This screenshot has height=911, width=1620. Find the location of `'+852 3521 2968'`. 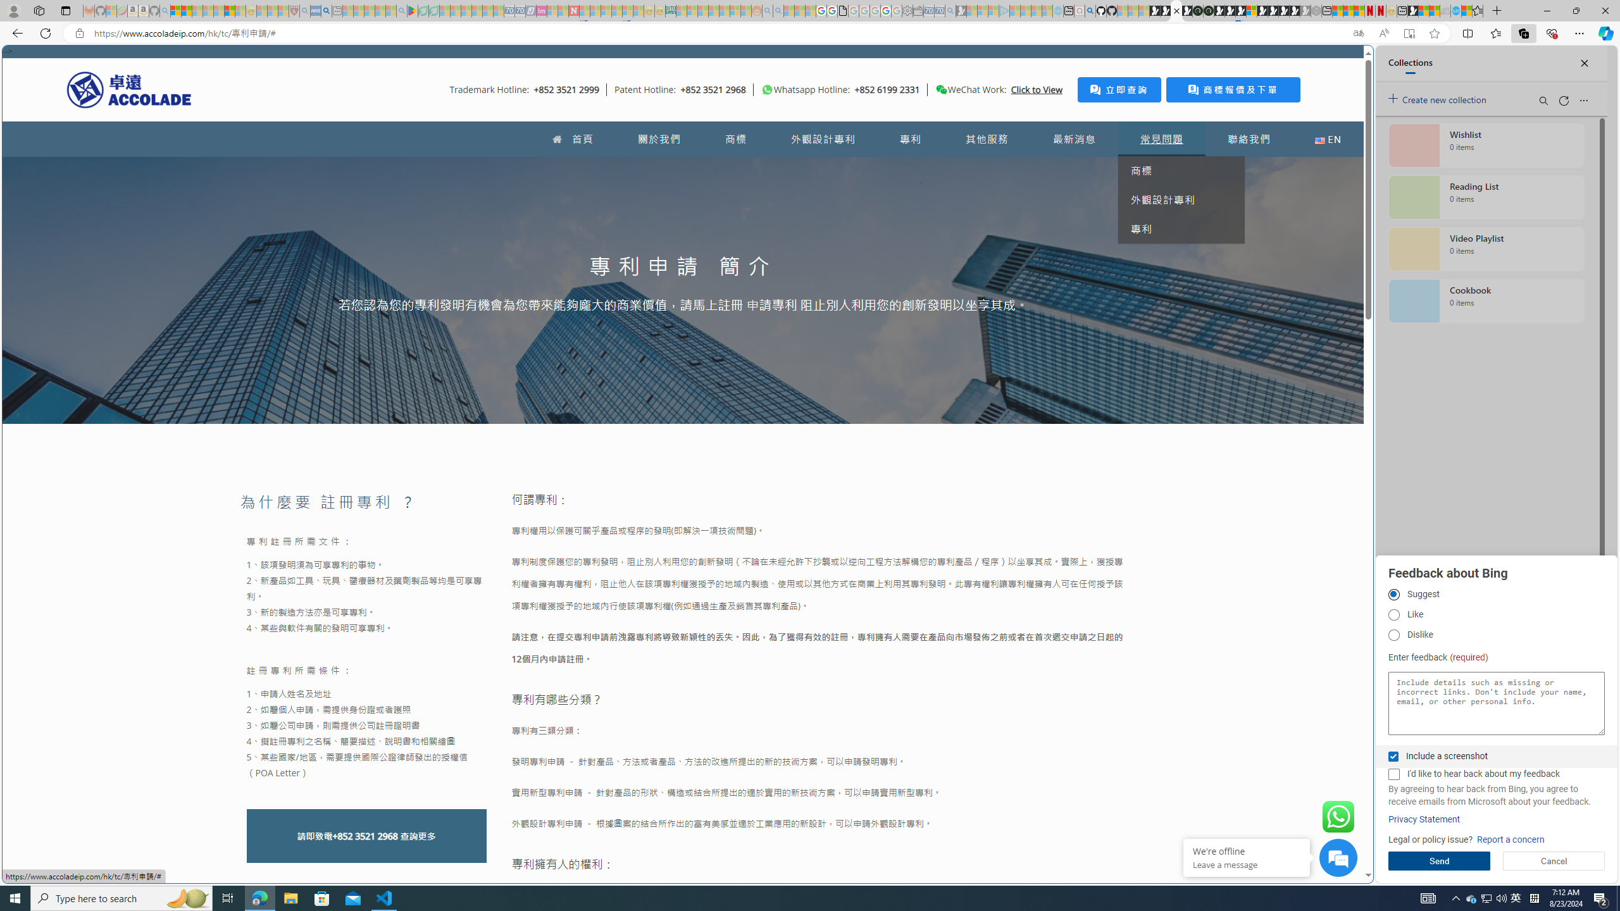

'+852 3521 2968' is located at coordinates (364, 836).